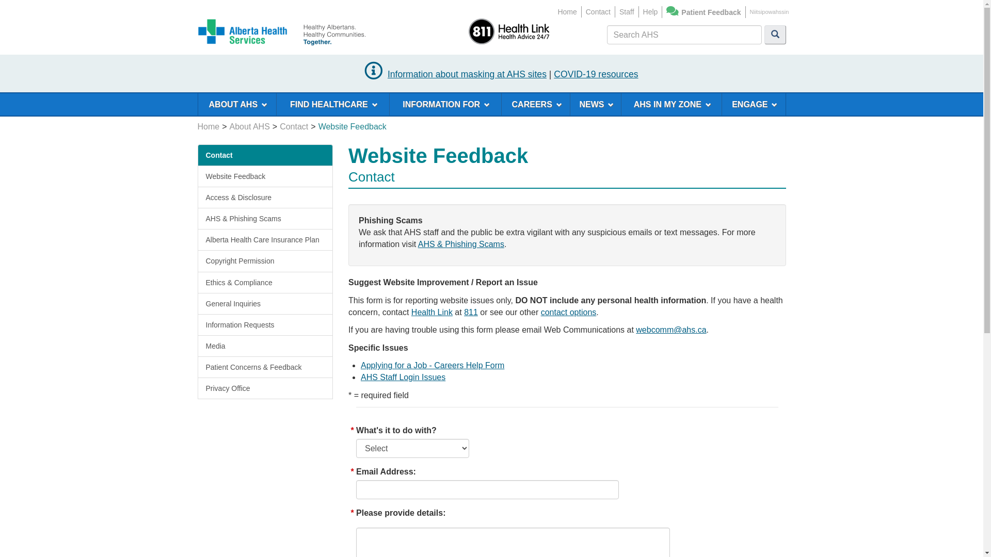 This screenshot has width=991, height=557. Describe the element at coordinates (265, 240) in the screenshot. I see `'Alberta Health Care Insurance Plan'` at that location.